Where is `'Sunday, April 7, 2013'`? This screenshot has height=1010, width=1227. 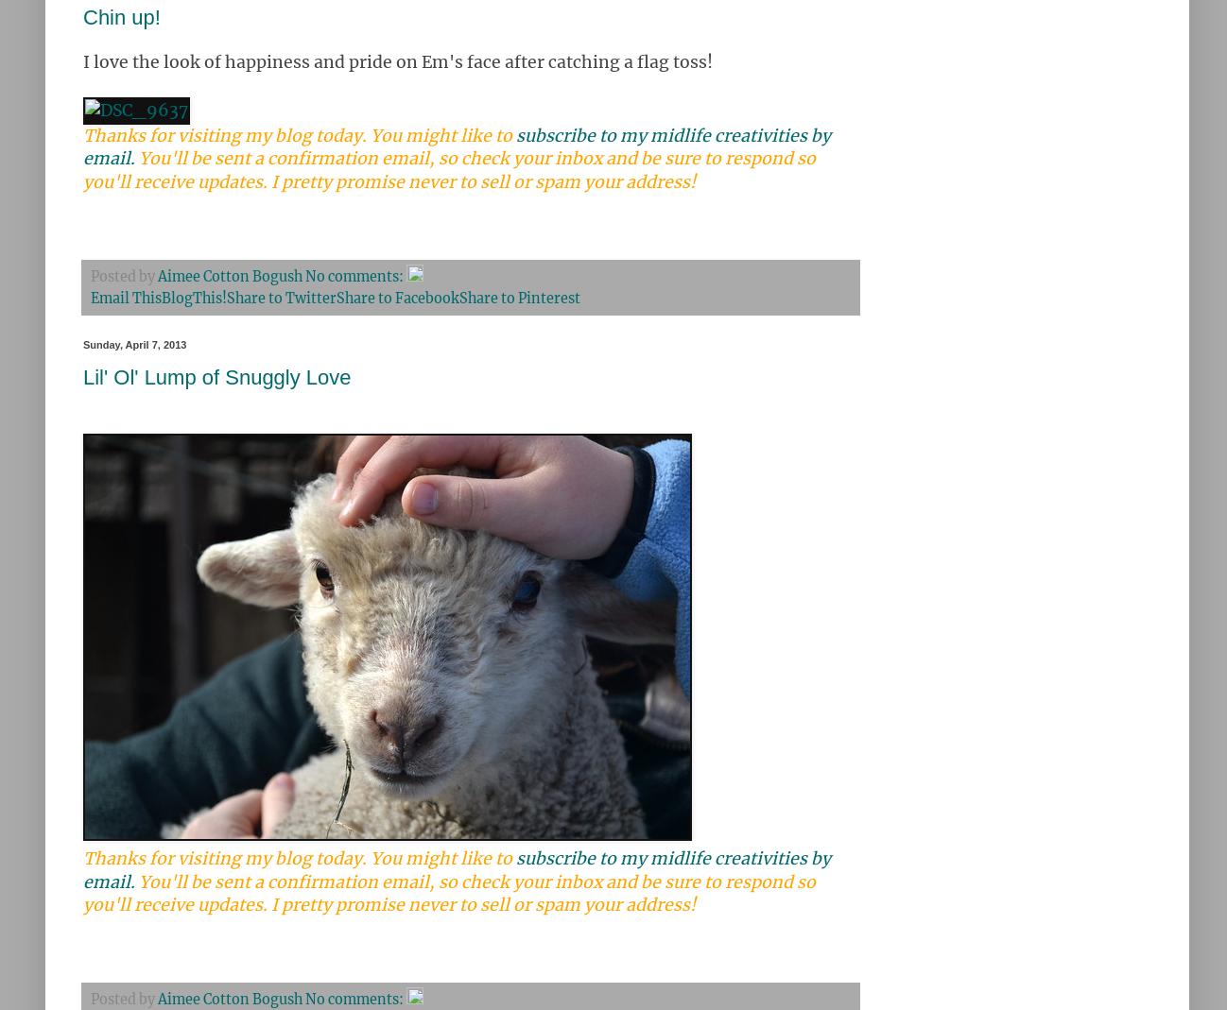
'Sunday, April 7, 2013' is located at coordinates (133, 343).